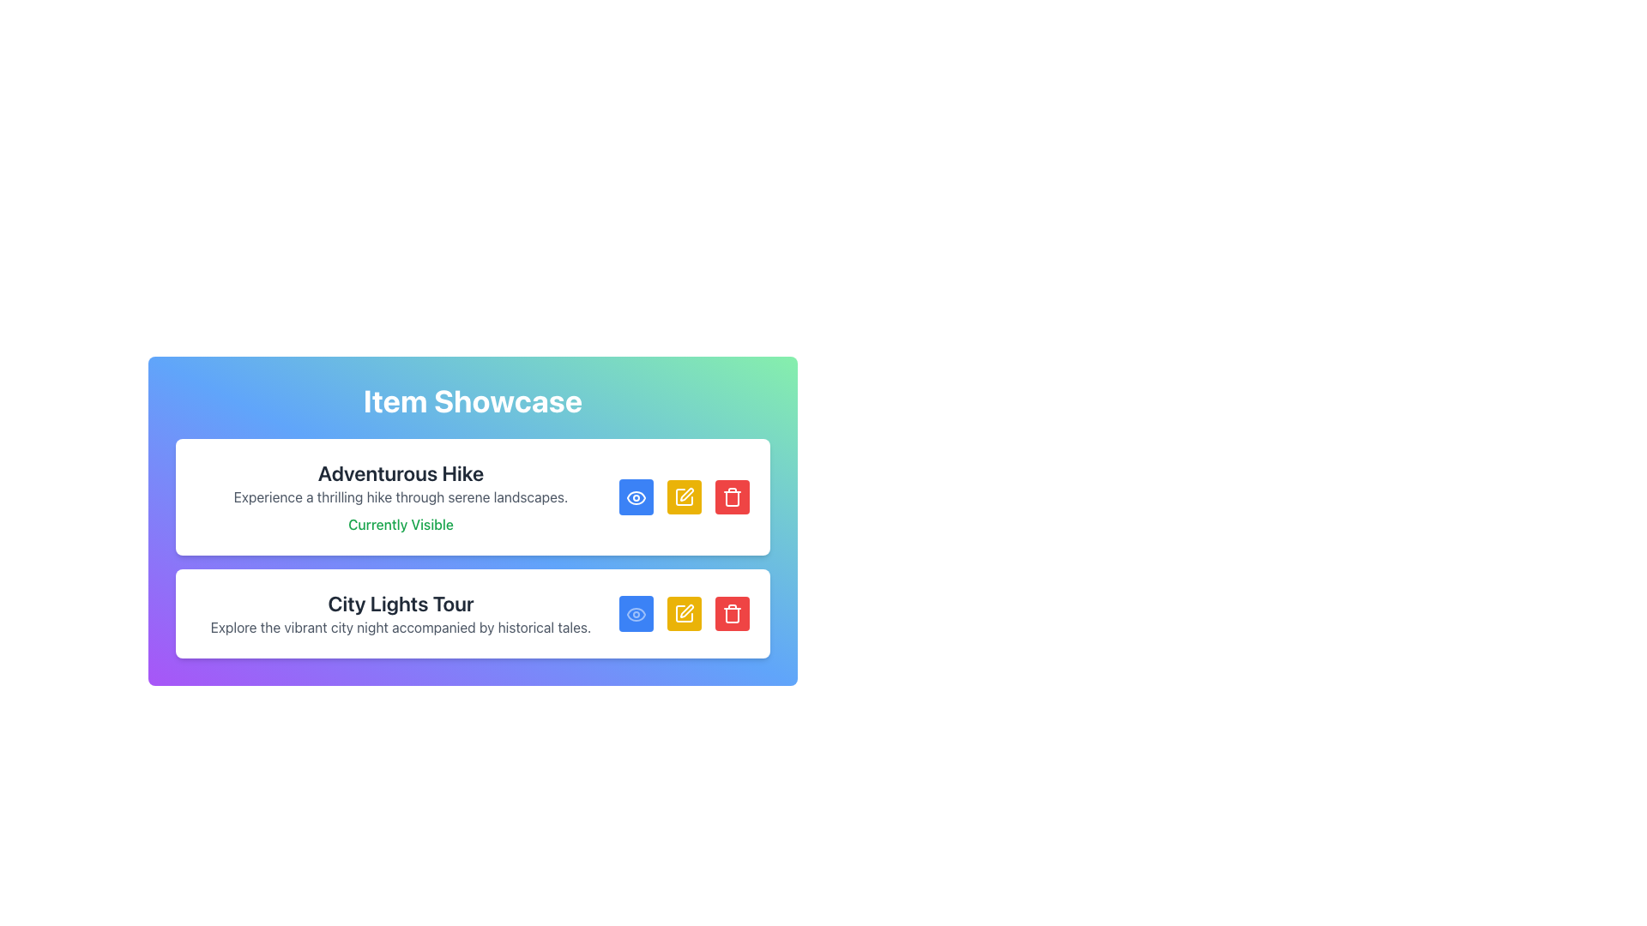  Describe the element at coordinates (683, 496) in the screenshot. I see `the icon button with a pen symbol, which is styled in vibrant yellow and is located on the right side of the 'Adventurous Hike' item card` at that location.